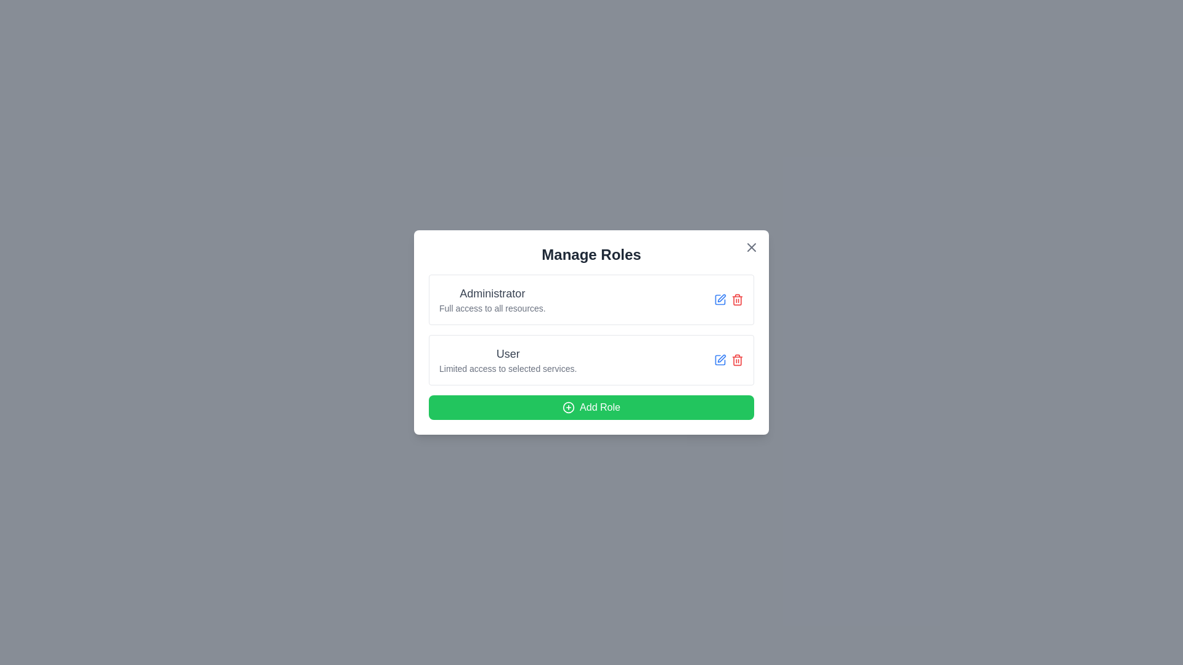  I want to click on the 'Add New Role' button located at the bottom of the 'Manage Roles' card, so click(591, 408).